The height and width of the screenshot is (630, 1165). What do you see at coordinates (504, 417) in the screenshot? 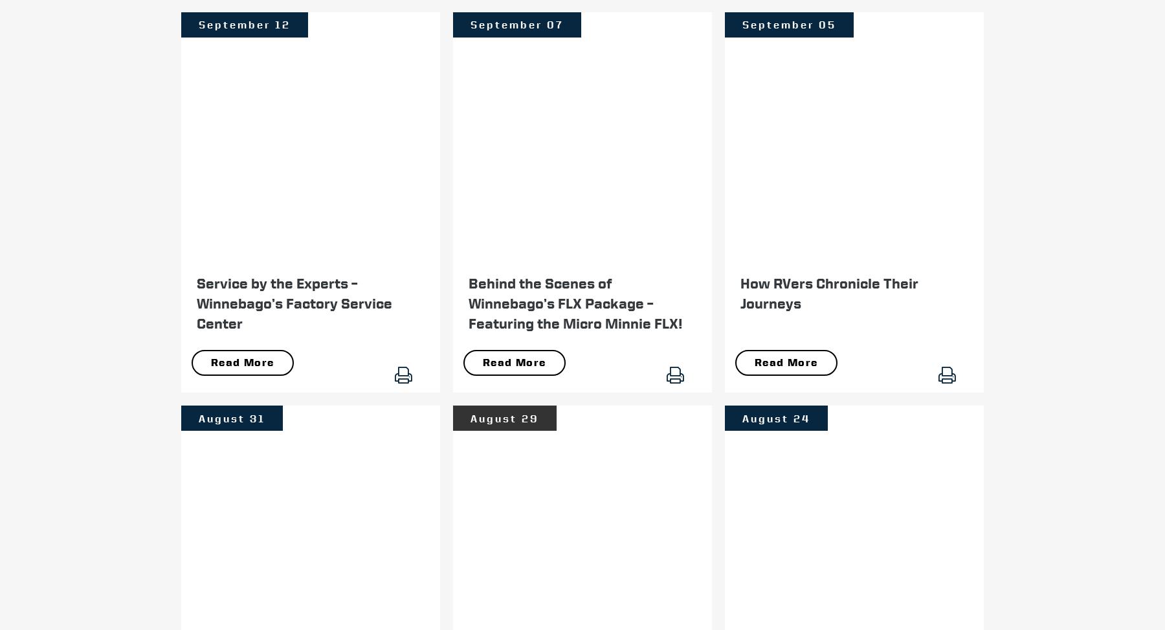
I see `'August 29'` at bounding box center [504, 417].